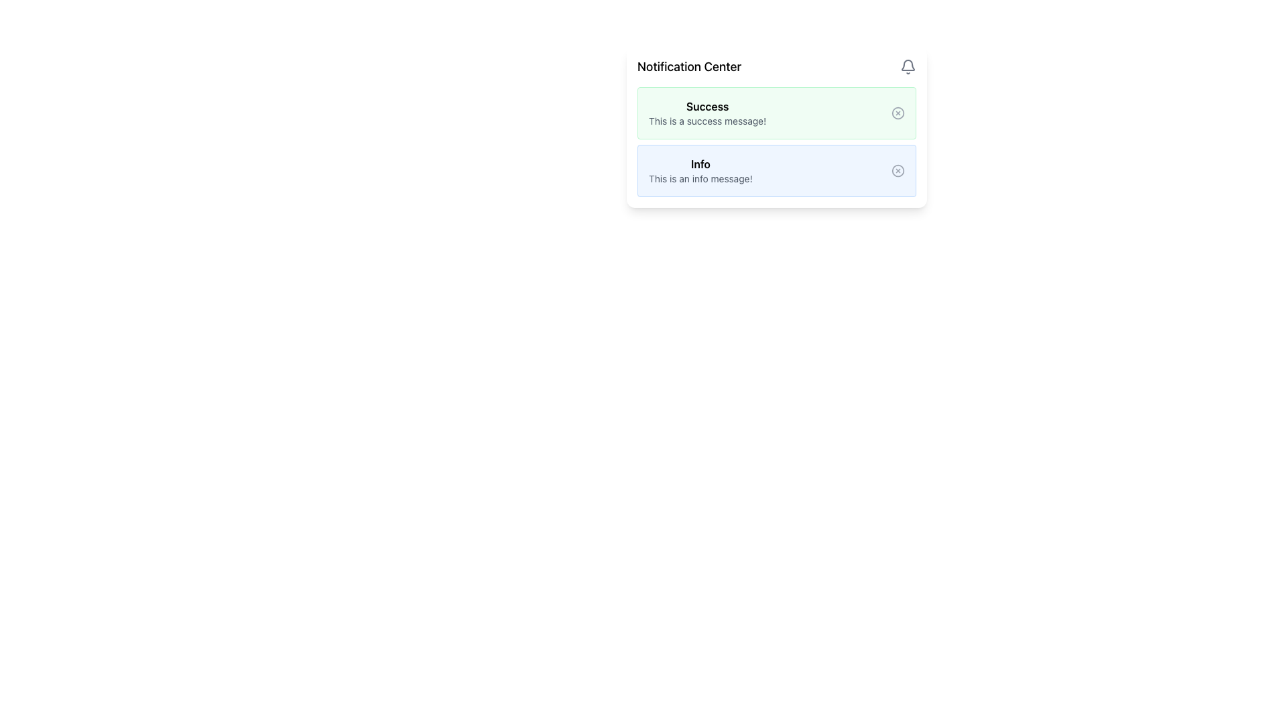 The image size is (1287, 724). What do you see at coordinates (700, 178) in the screenshot?
I see `the Text label displaying 'This is an info message!' within the notification card labeled 'Info'` at bounding box center [700, 178].